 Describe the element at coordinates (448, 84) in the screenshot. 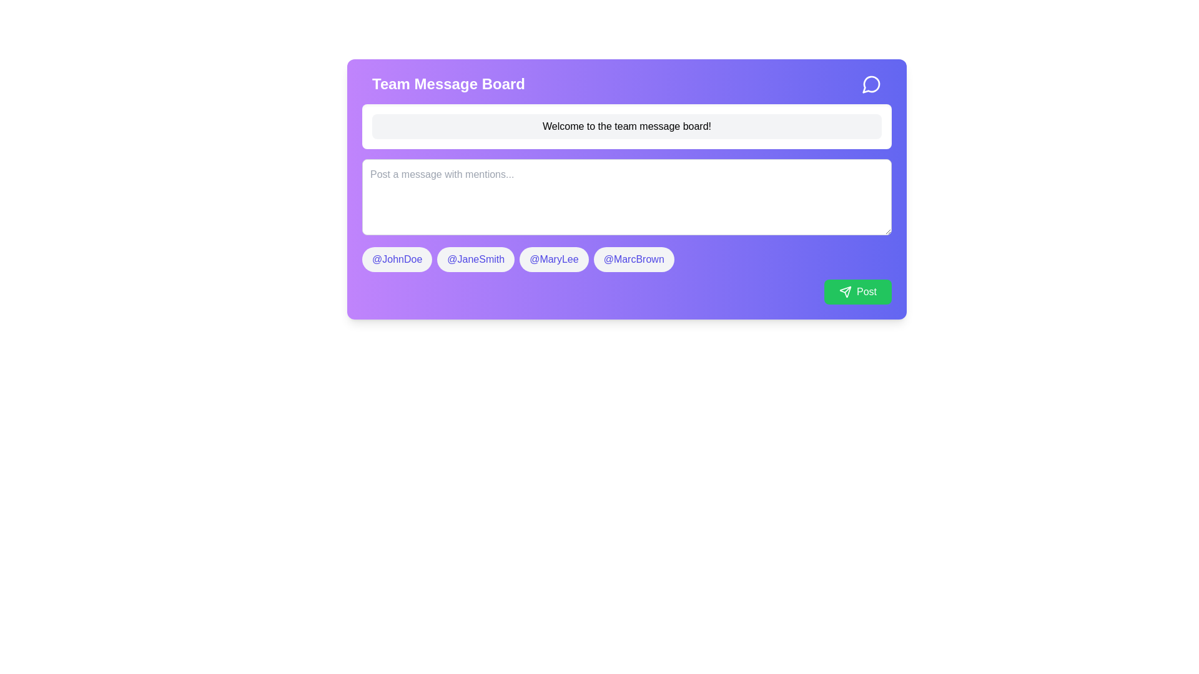

I see `the 'Team Message Board' text label, which serves as the title indicating the purpose of the section` at that location.